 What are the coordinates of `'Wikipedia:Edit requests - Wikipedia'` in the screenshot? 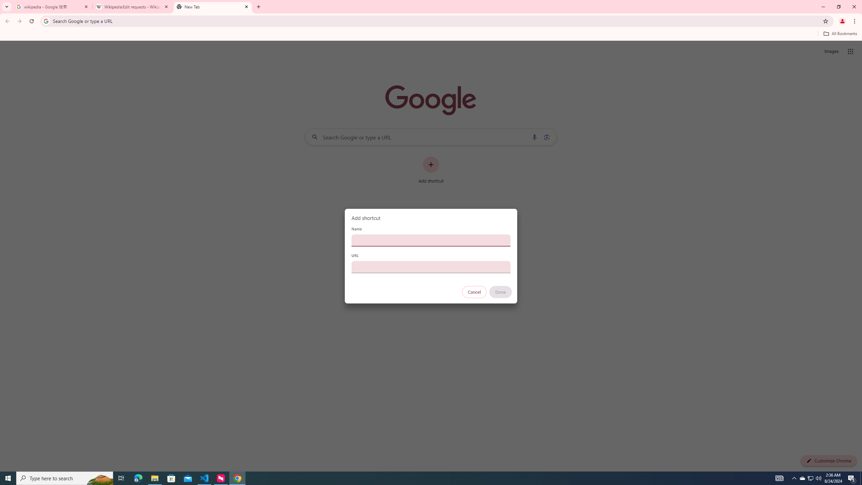 It's located at (133, 6).